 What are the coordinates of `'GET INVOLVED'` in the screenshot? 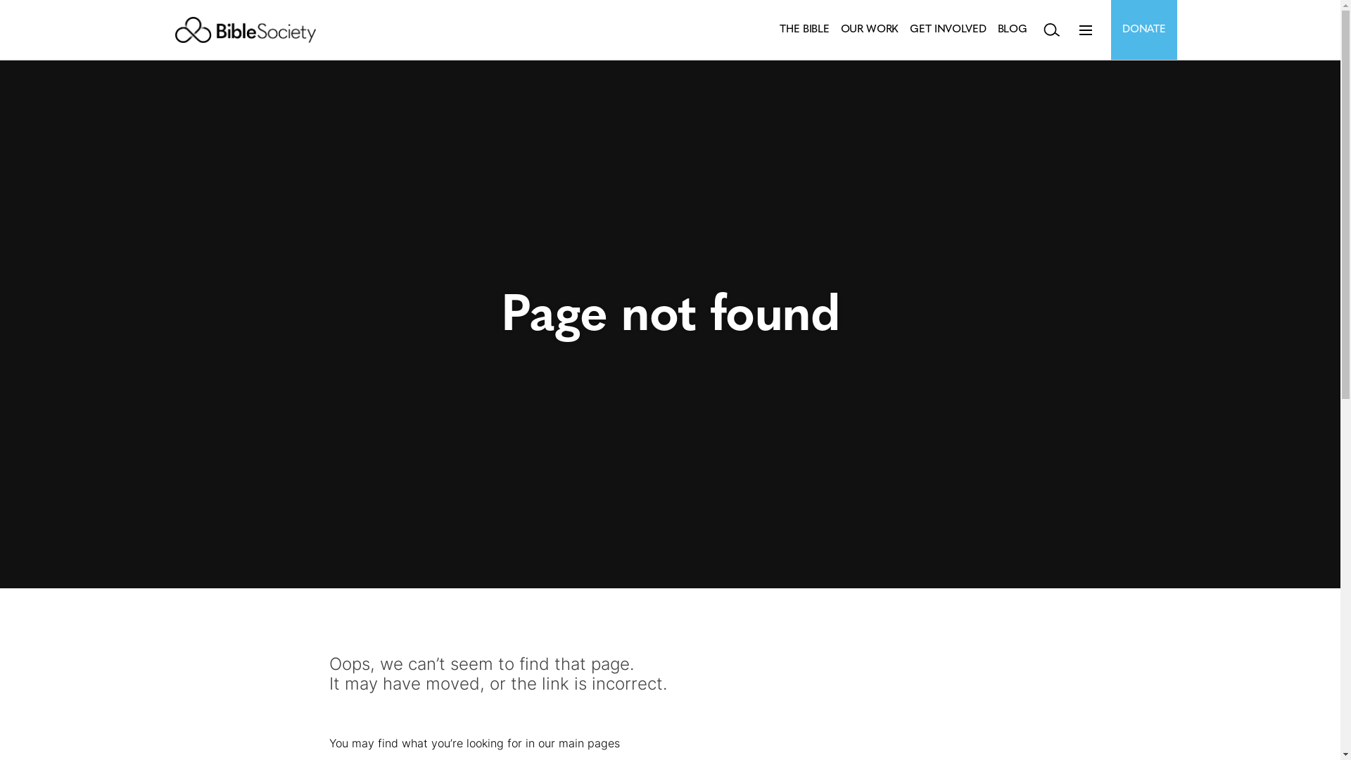 It's located at (909, 30).